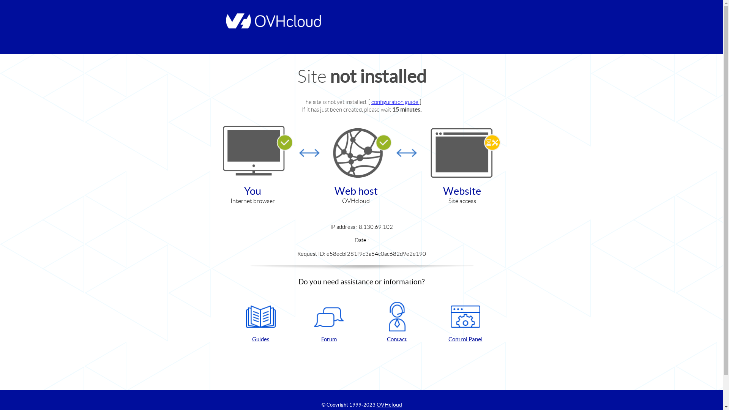  What do you see at coordinates (260, 322) in the screenshot?
I see `'Guides'` at bounding box center [260, 322].